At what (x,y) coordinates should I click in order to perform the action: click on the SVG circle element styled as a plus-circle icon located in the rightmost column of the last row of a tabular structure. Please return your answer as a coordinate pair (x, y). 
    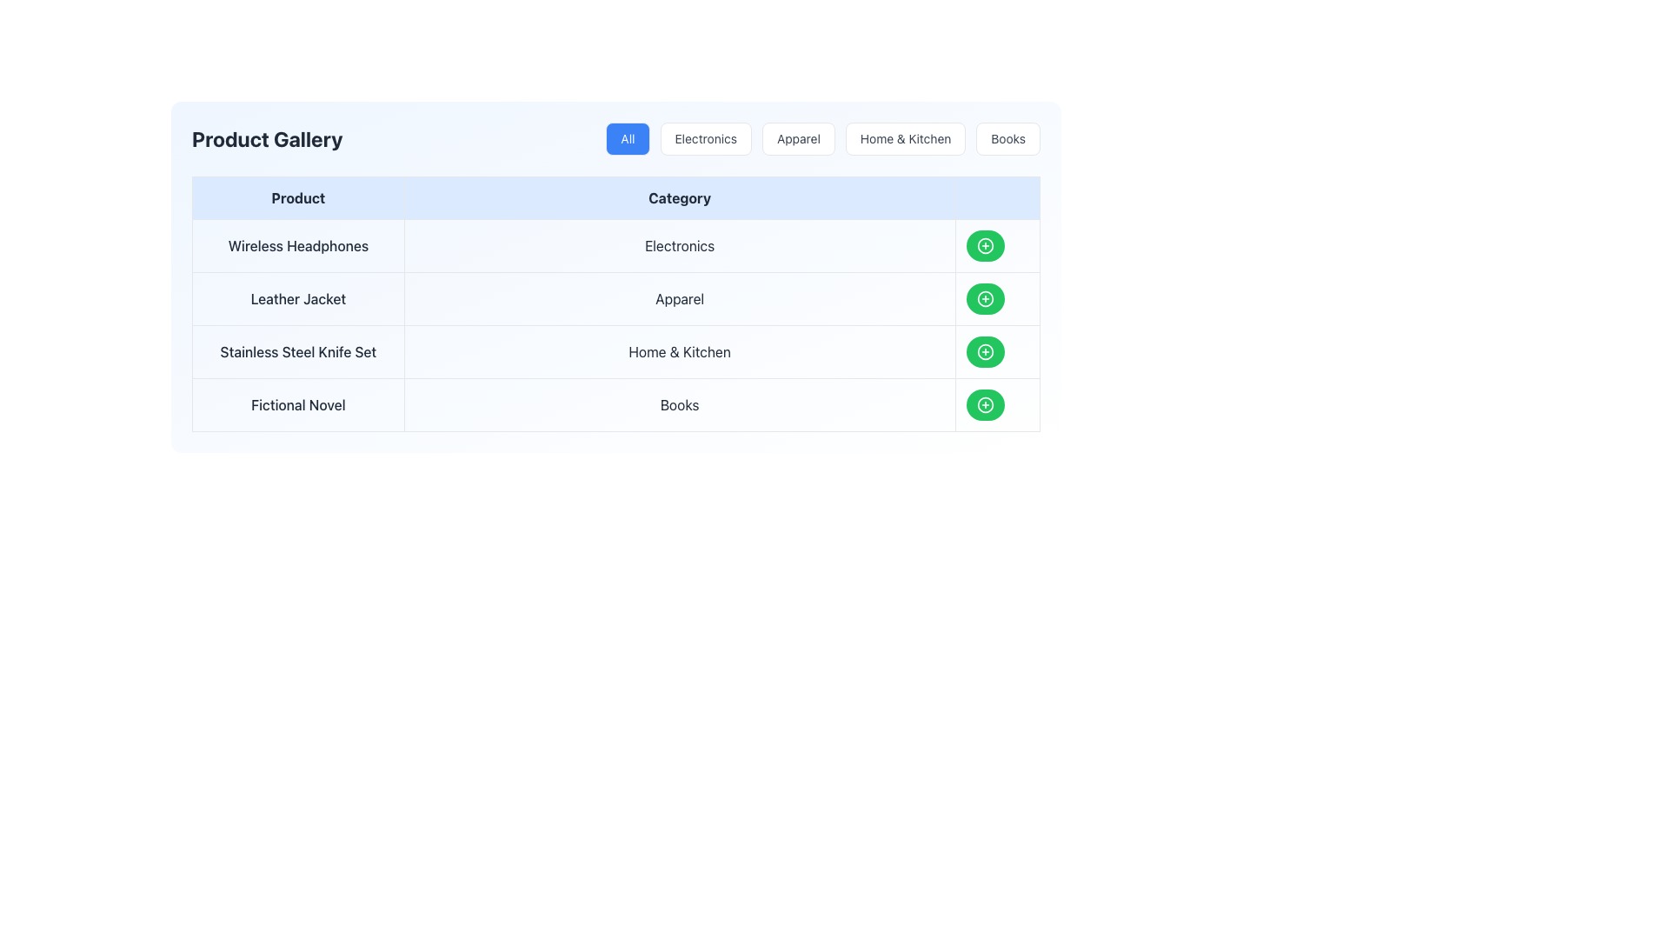
    Looking at the image, I should click on (985, 405).